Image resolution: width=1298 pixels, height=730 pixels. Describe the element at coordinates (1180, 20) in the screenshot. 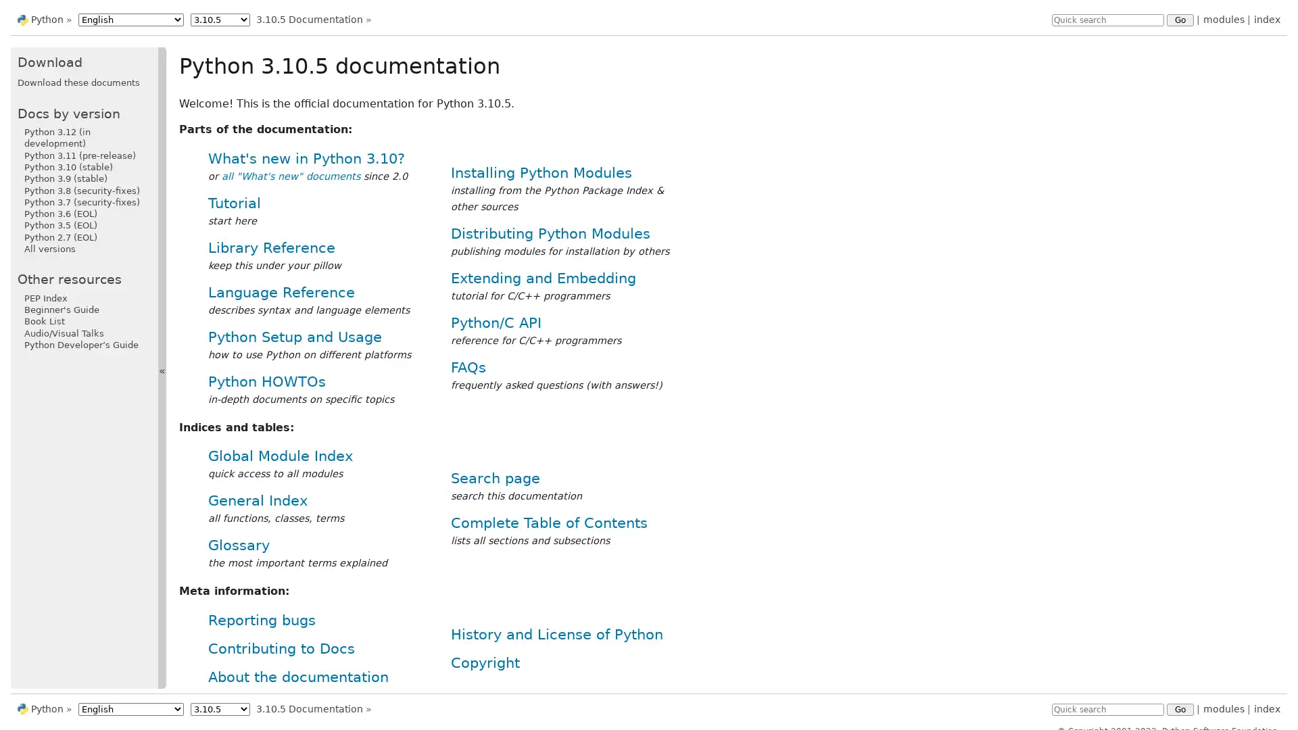

I see `Go` at that location.